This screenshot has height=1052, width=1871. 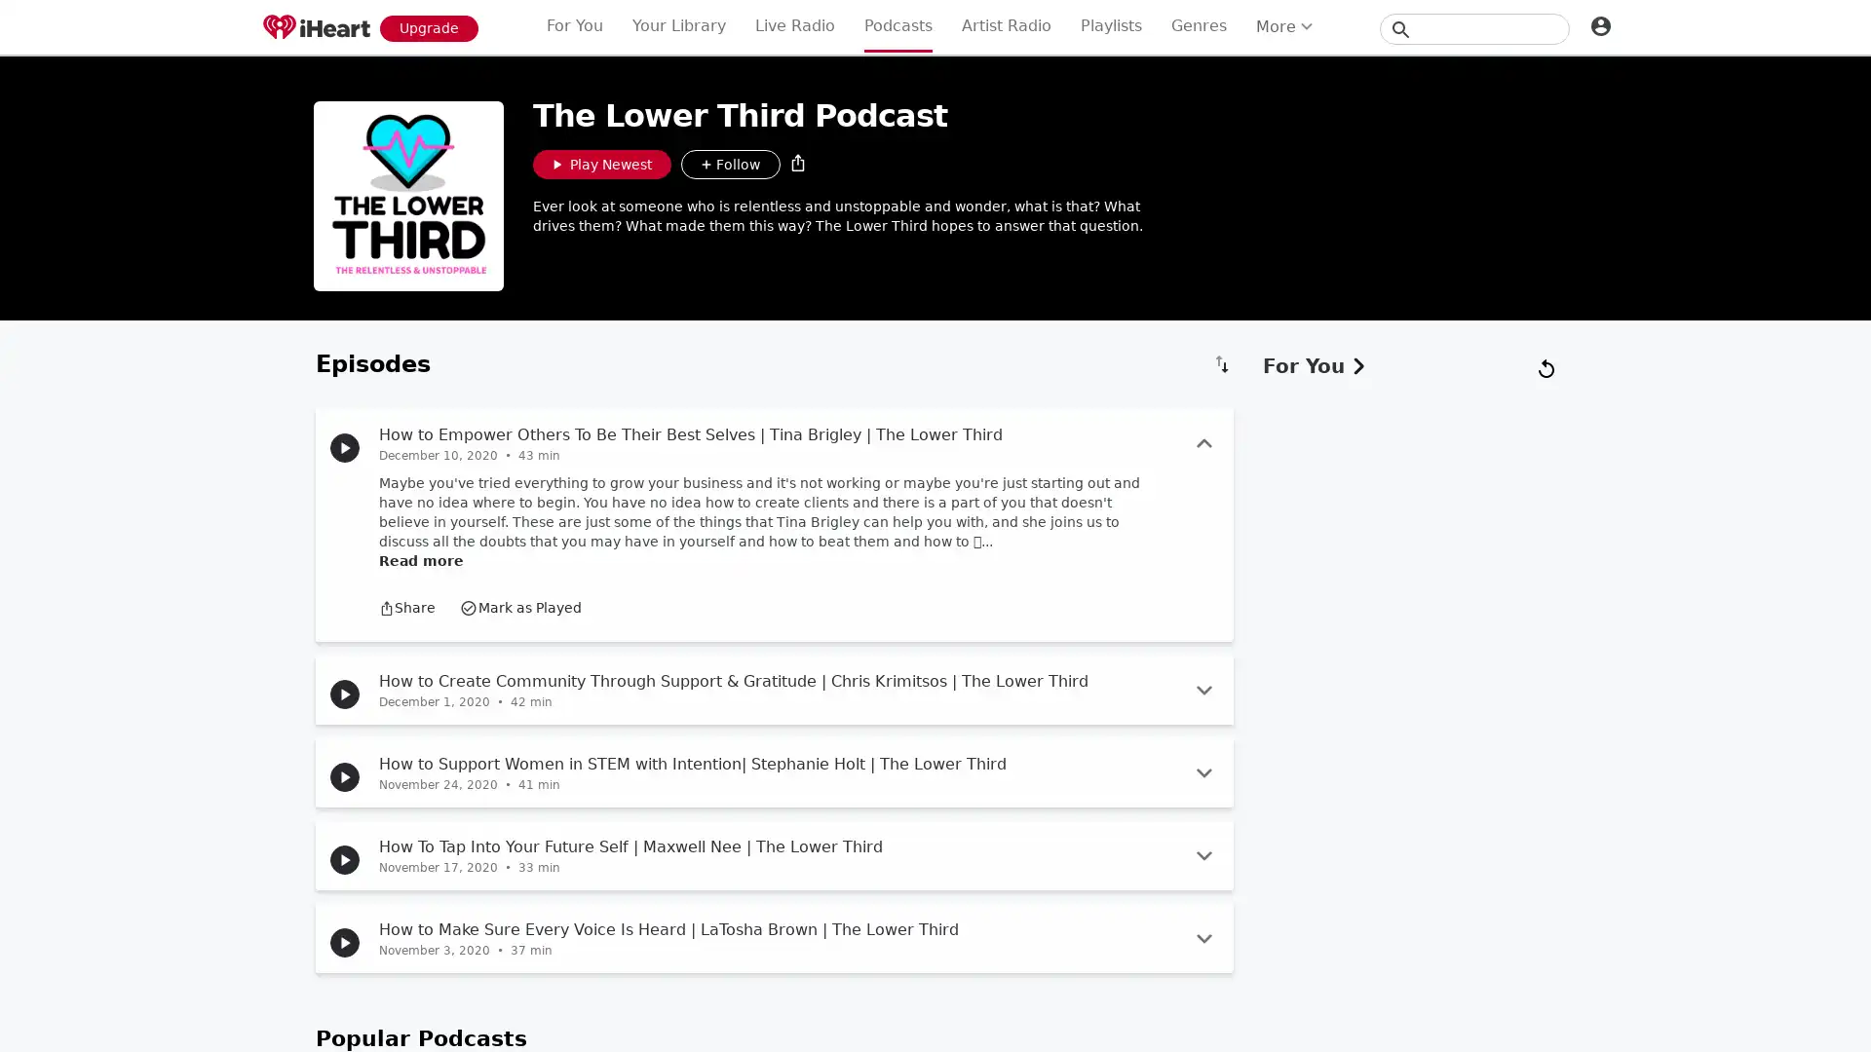 I want to click on Read more, so click(x=420, y=927).